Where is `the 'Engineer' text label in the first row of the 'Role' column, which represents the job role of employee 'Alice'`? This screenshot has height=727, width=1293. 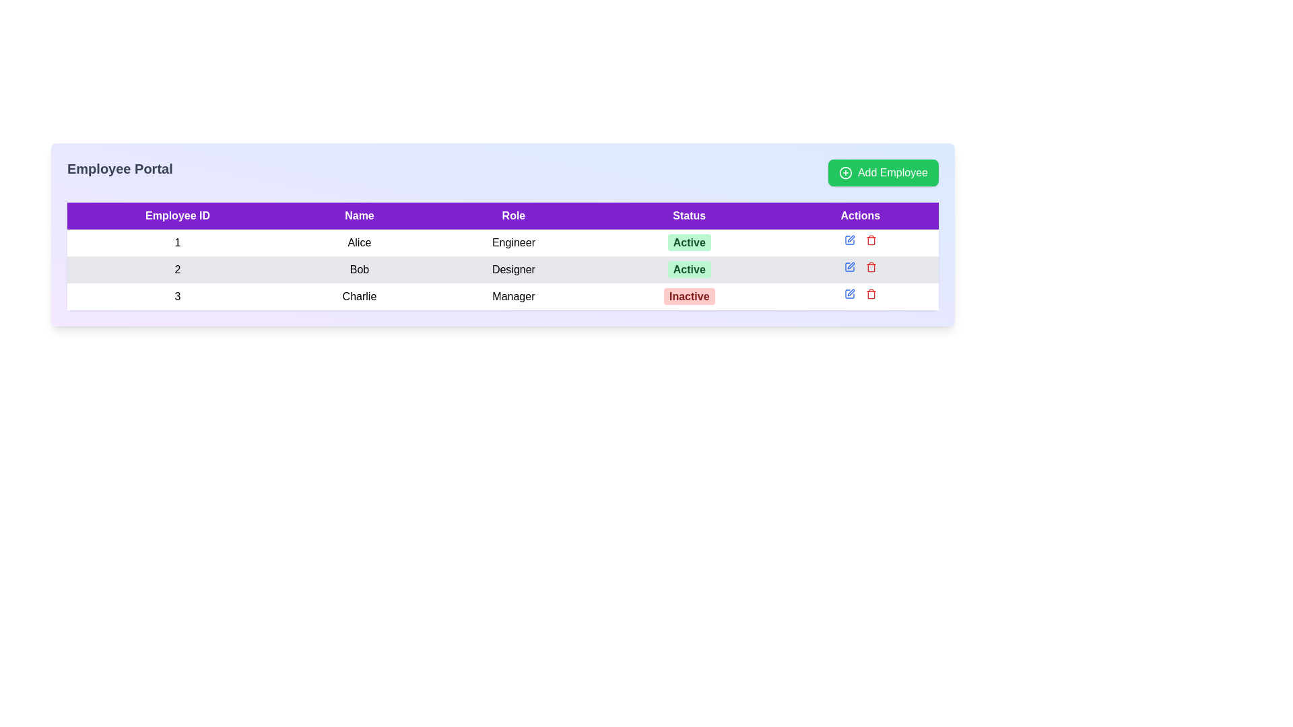 the 'Engineer' text label in the first row of the 'Role' column, which represents the job role of employee 'Alice' is located at coordinates (513, 243).